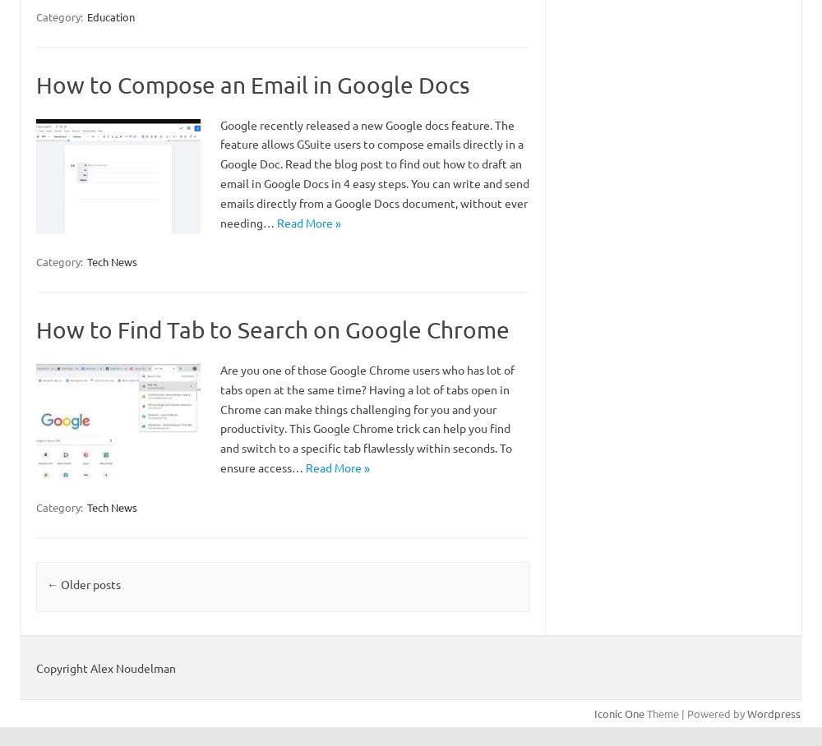 The image size is (822, 746). Describe the element at coordinates (106, 667) in the screenshot. I see `'Copyright Alex Noudelman'` at that location.